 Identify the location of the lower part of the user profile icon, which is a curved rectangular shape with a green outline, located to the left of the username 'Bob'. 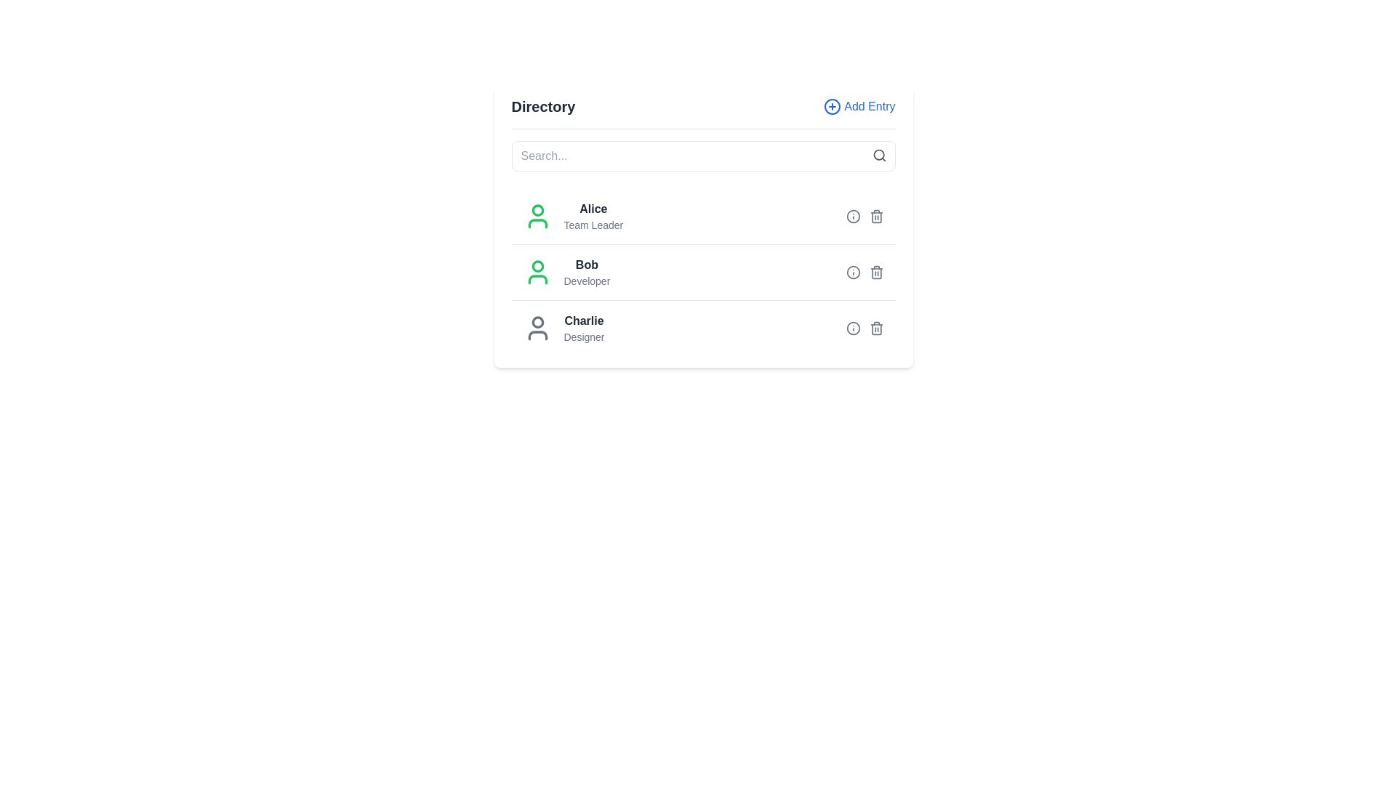
(537, 280).